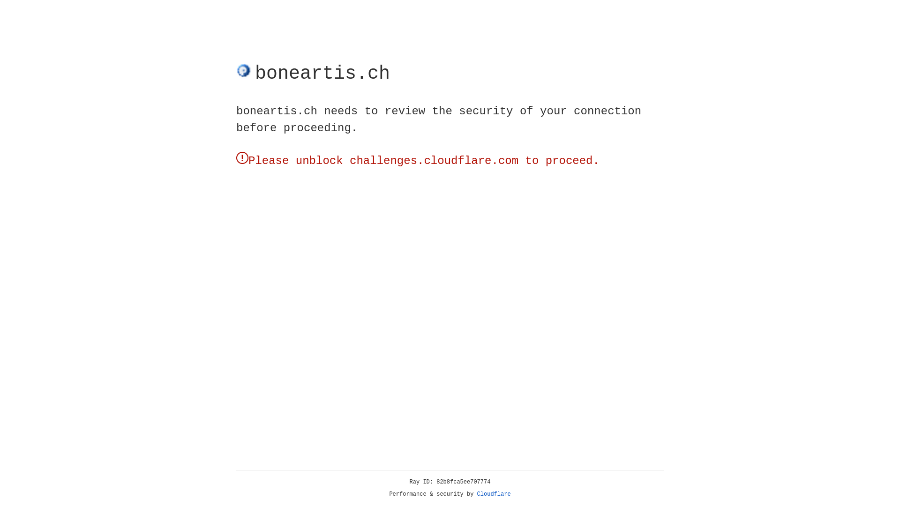  Describe the element at coordinates (477, 494) in the screenshot. I see `'Cloudflare'` at that location.